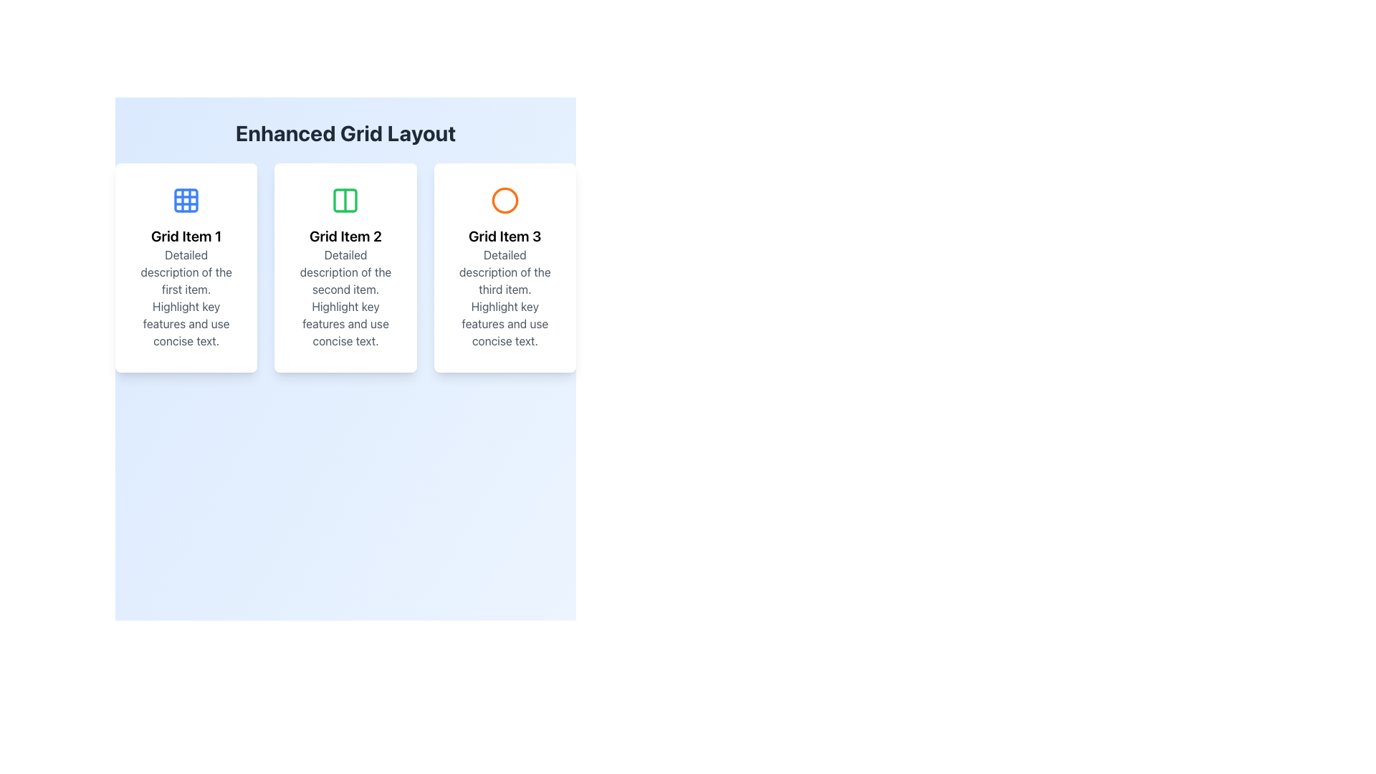 The width and height of the screenshot is (1376, 774). What do you see at coordinates (186, 268) in the screenshot?
I see `the Informational Card titled 'Grid Item 1', which is the first card in a grid layout, featuring a white background, rounded edges, and a blue icon at the top` at bounding box center [186, 268].